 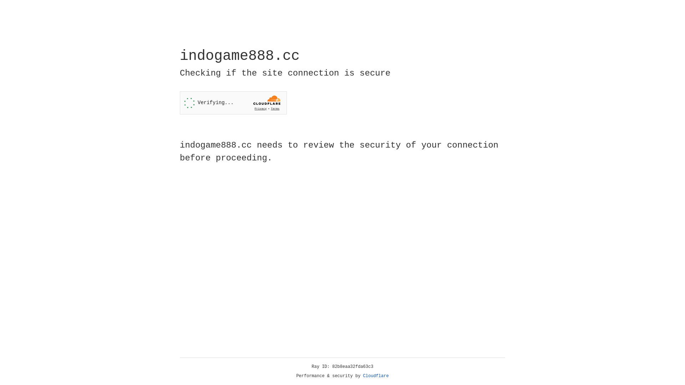 What do you see at coordinates (233, 103) in the screenshot?
I see `'Widget containing a Cloudflare security challenge'` at bounding box center [233, 103].